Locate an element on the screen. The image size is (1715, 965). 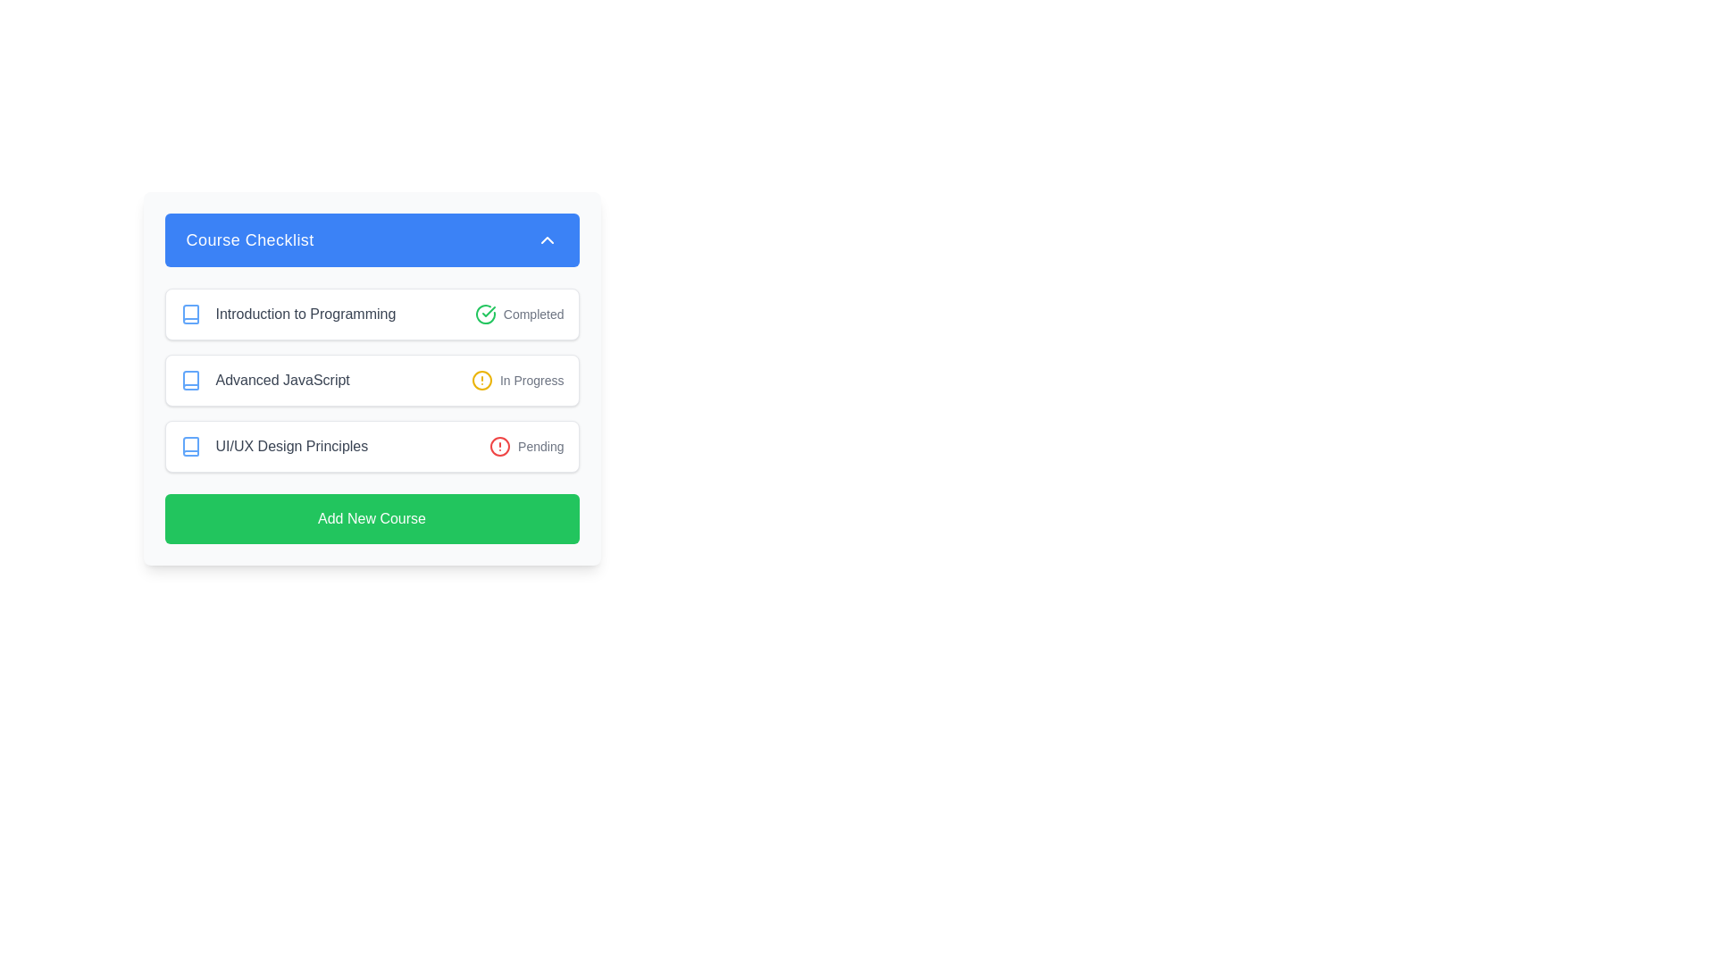
the toggle button at the top of the checklist interface is located at coordinates (371, 239).